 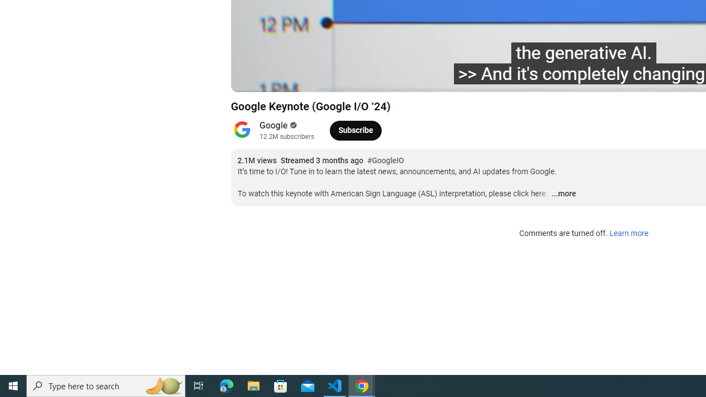 I want to click on '...more', so click(x=563, y=194).